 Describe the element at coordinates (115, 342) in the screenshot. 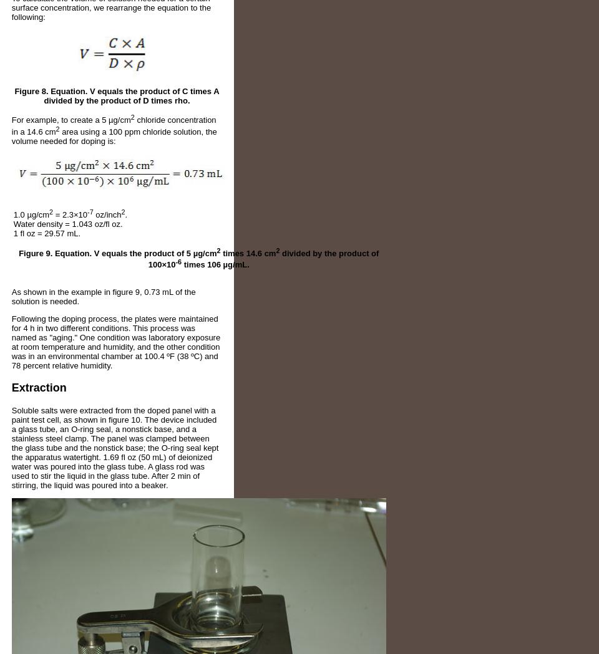

I see `'Following the doping process, the plates were maintained for
4 h in two different conditions. This process was named as "aging." One
condition was laboratory exposure at room temperature and humidity, and the
other condition was in an environmental chamber at 100.4 ºF (38 ºC) and 78
percent relative humidity.'` at that location.